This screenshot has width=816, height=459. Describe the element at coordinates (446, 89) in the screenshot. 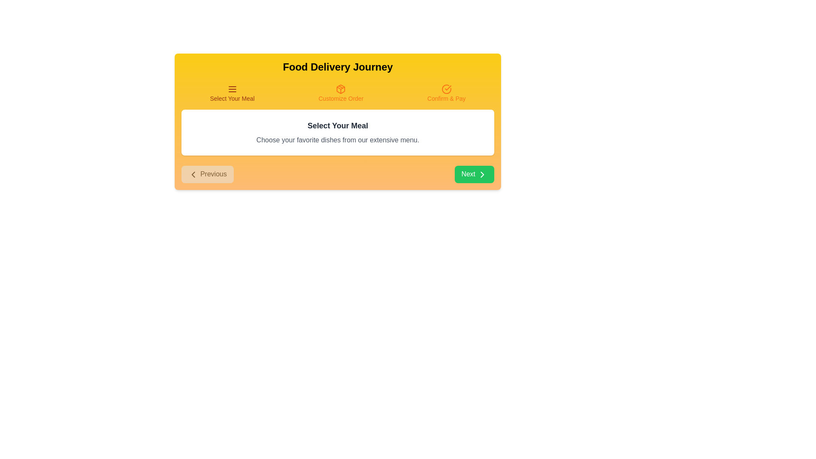

I see `the circular check icon with a tick mark located in the 'Confirm & Pay' section, positioned to the far right of the navigation bar` at that location.